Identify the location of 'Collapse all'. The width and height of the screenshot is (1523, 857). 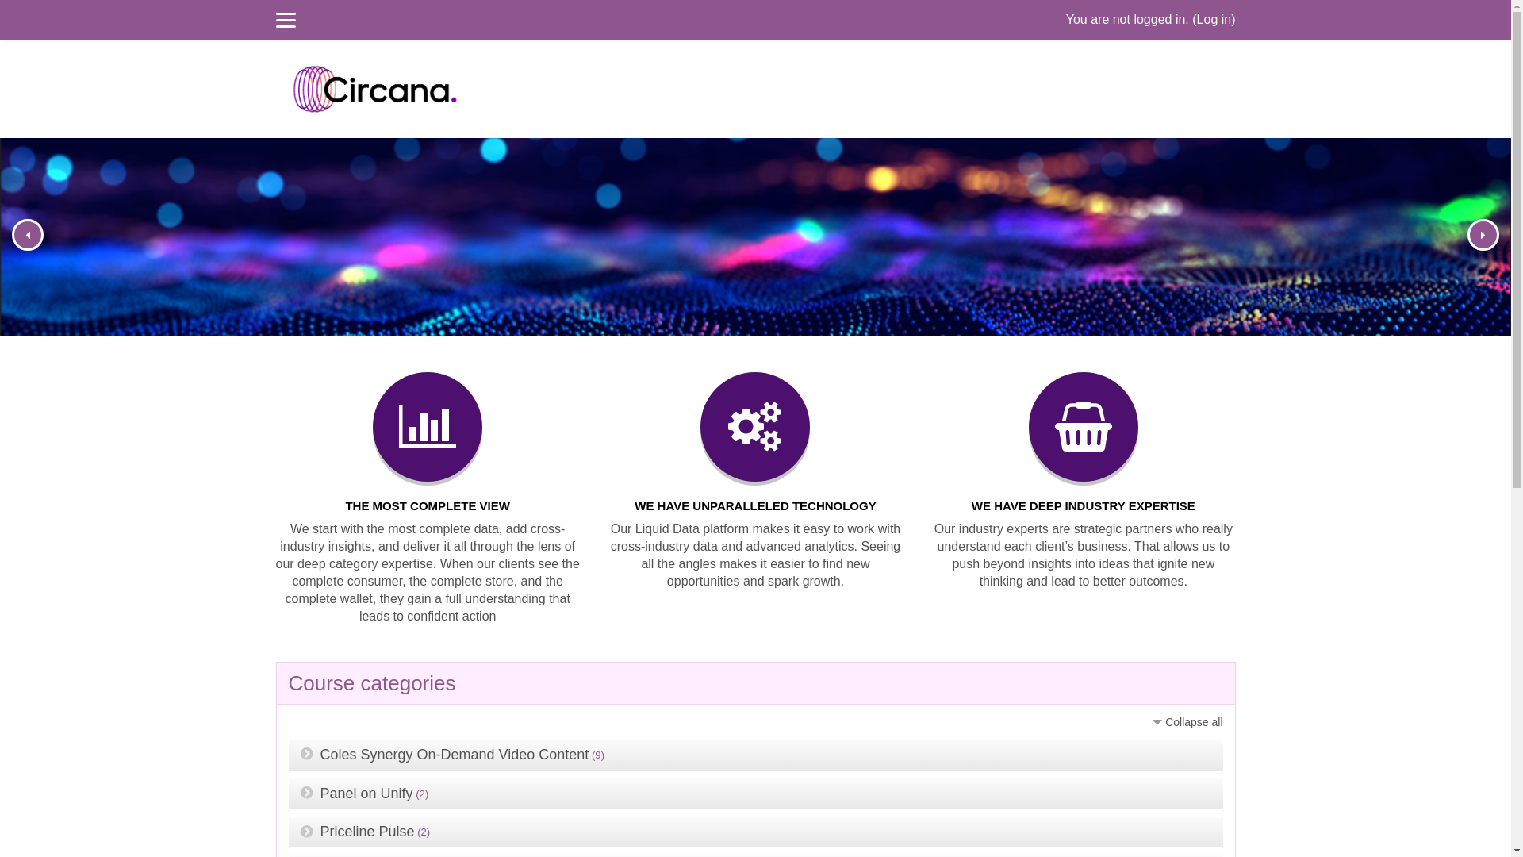
(1185, 722).